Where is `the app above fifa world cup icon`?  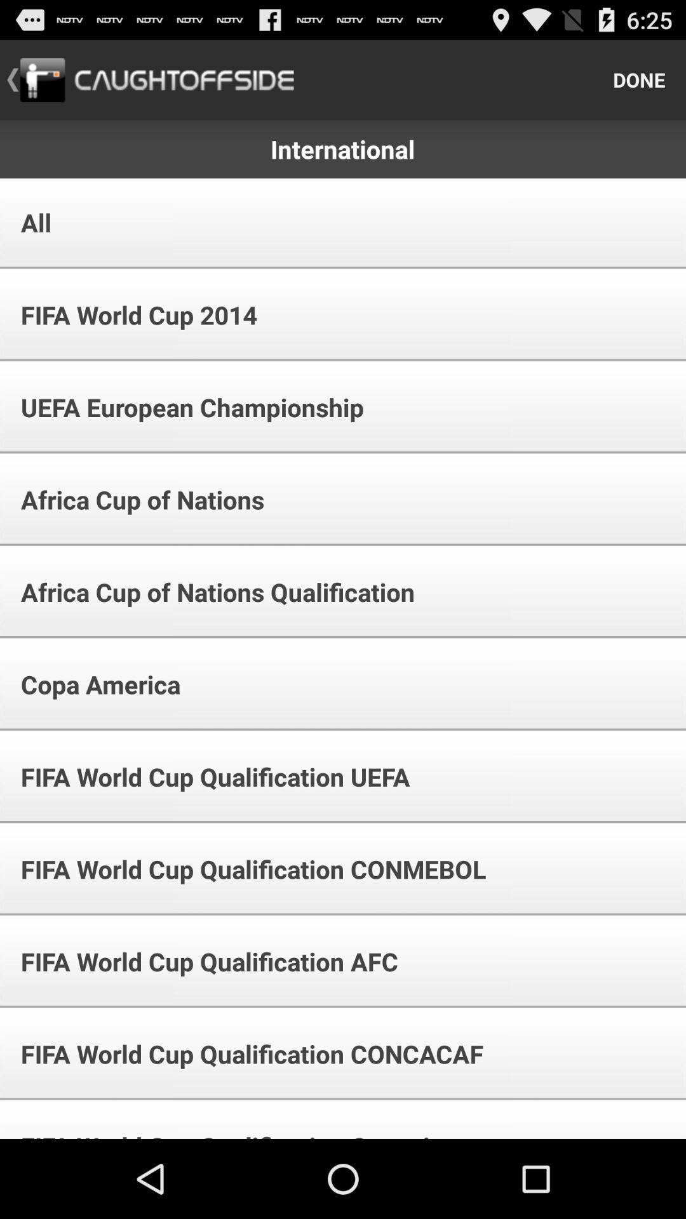
the app above fifa world cup icon is located at coordinates (27, 222).